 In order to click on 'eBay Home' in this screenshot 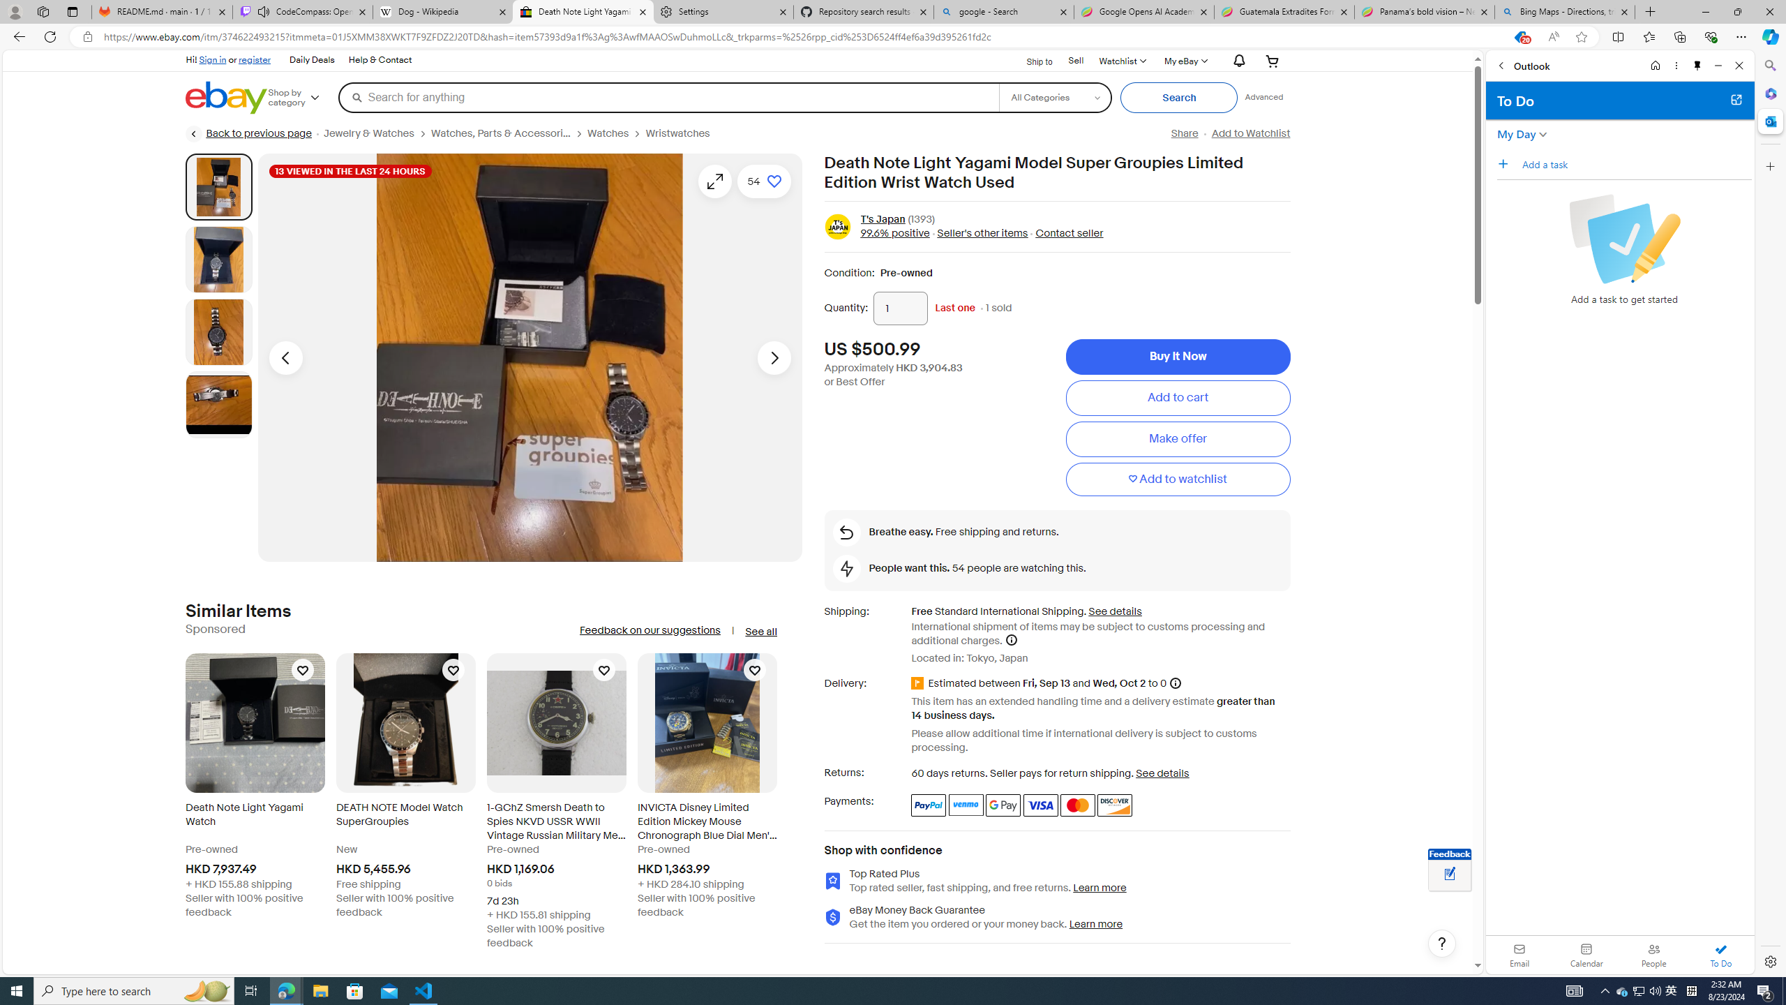, I will do `click(227, 97)`.